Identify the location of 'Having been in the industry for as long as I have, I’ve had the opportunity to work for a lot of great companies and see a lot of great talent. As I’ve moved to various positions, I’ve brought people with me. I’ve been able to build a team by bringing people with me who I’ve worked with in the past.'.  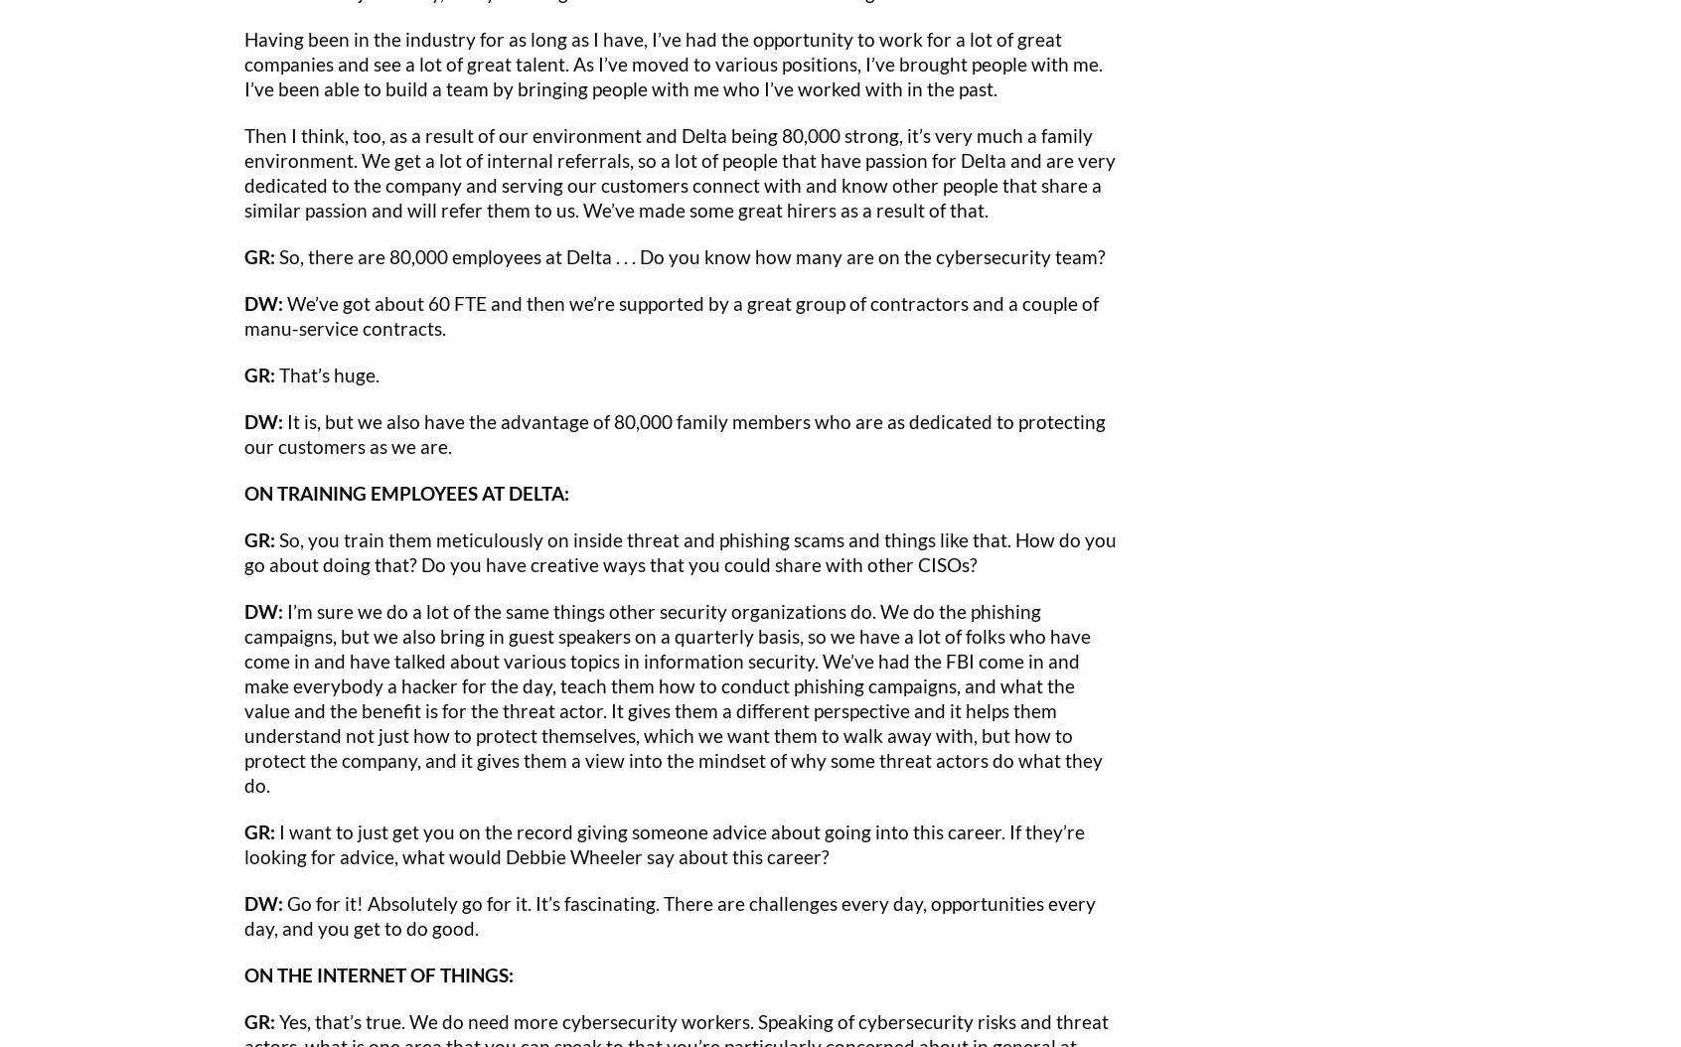
(244, 62).